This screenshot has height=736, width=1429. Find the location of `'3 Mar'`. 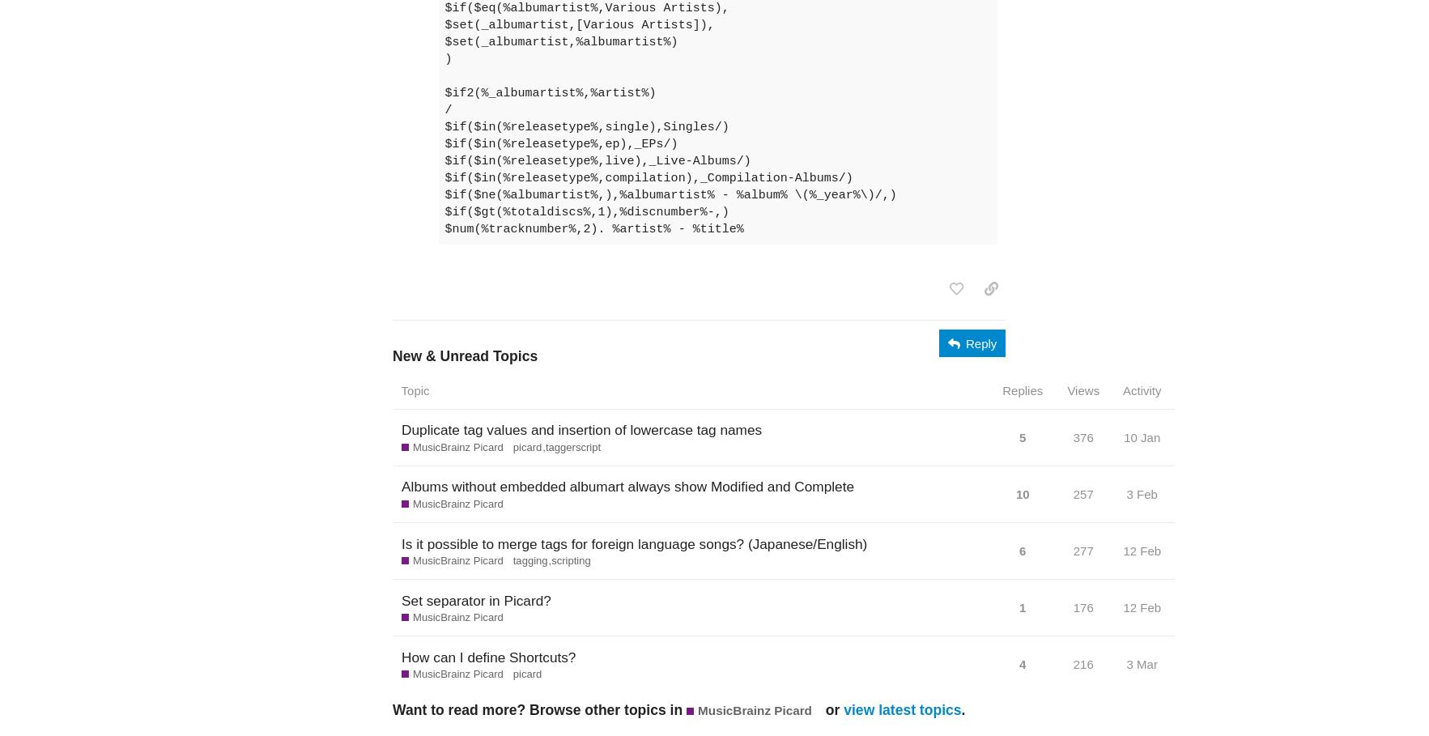

'3 Mar' is located at coordinates (1125, 664).